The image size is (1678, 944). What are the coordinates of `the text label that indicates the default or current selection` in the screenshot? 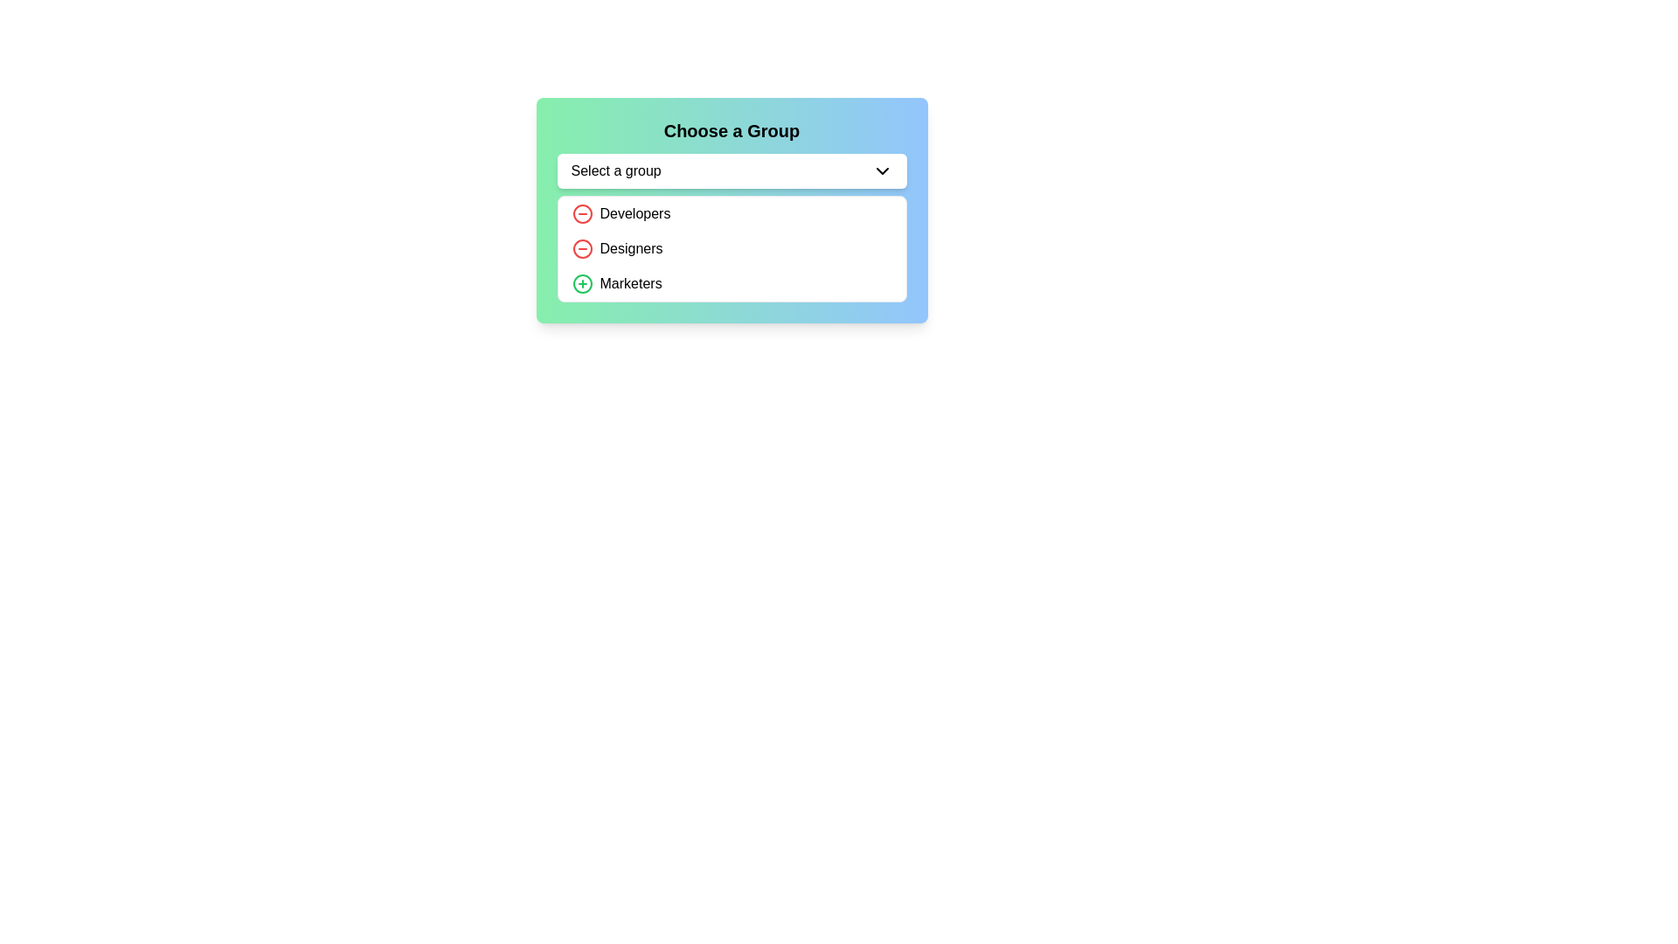 It's located at (616, 171).